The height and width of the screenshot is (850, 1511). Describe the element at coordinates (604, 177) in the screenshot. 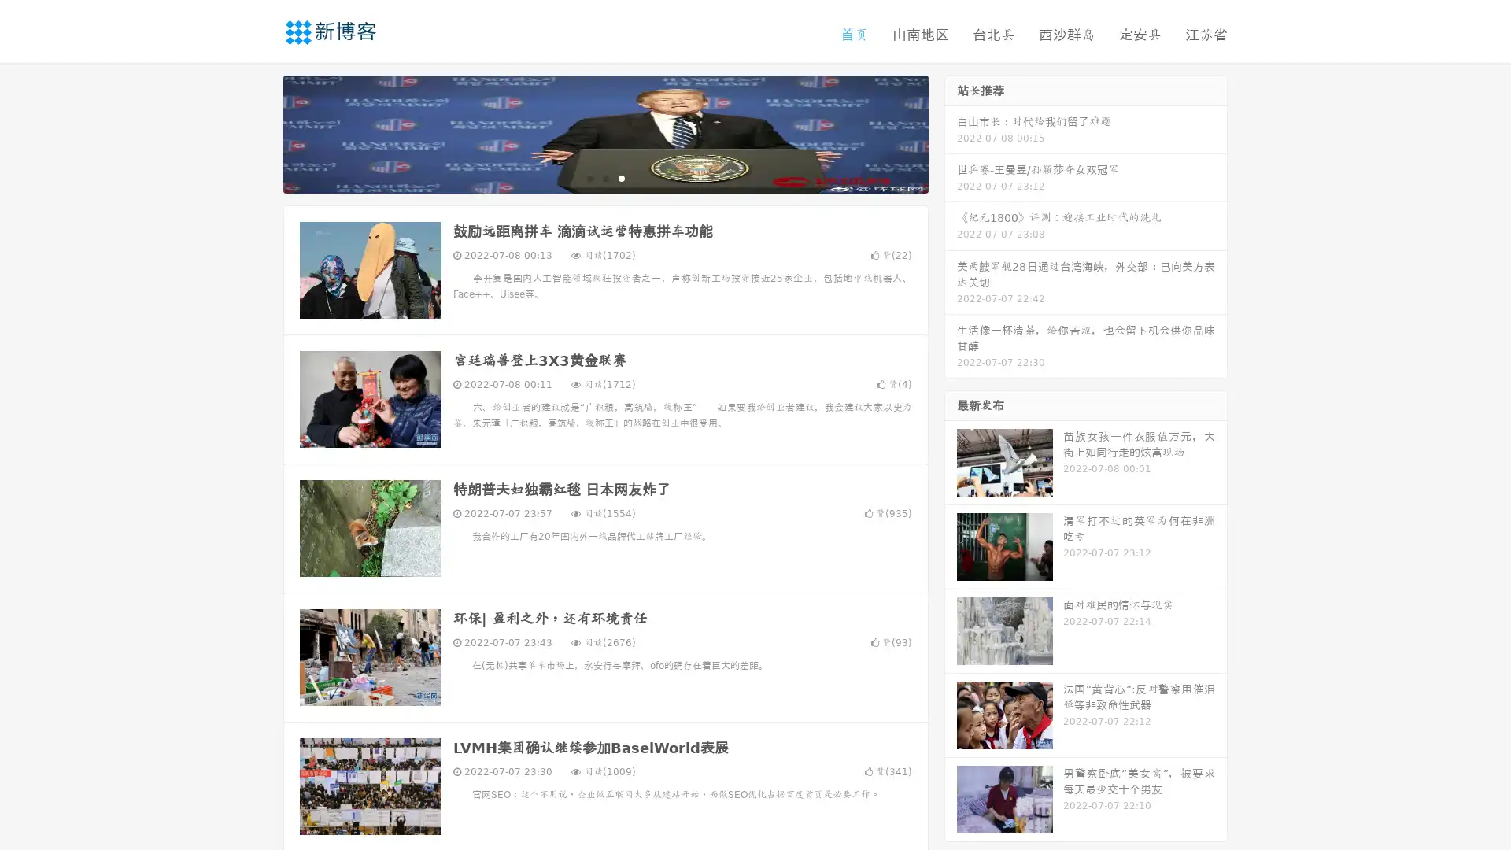

I see `Go to slide 2` at that location.